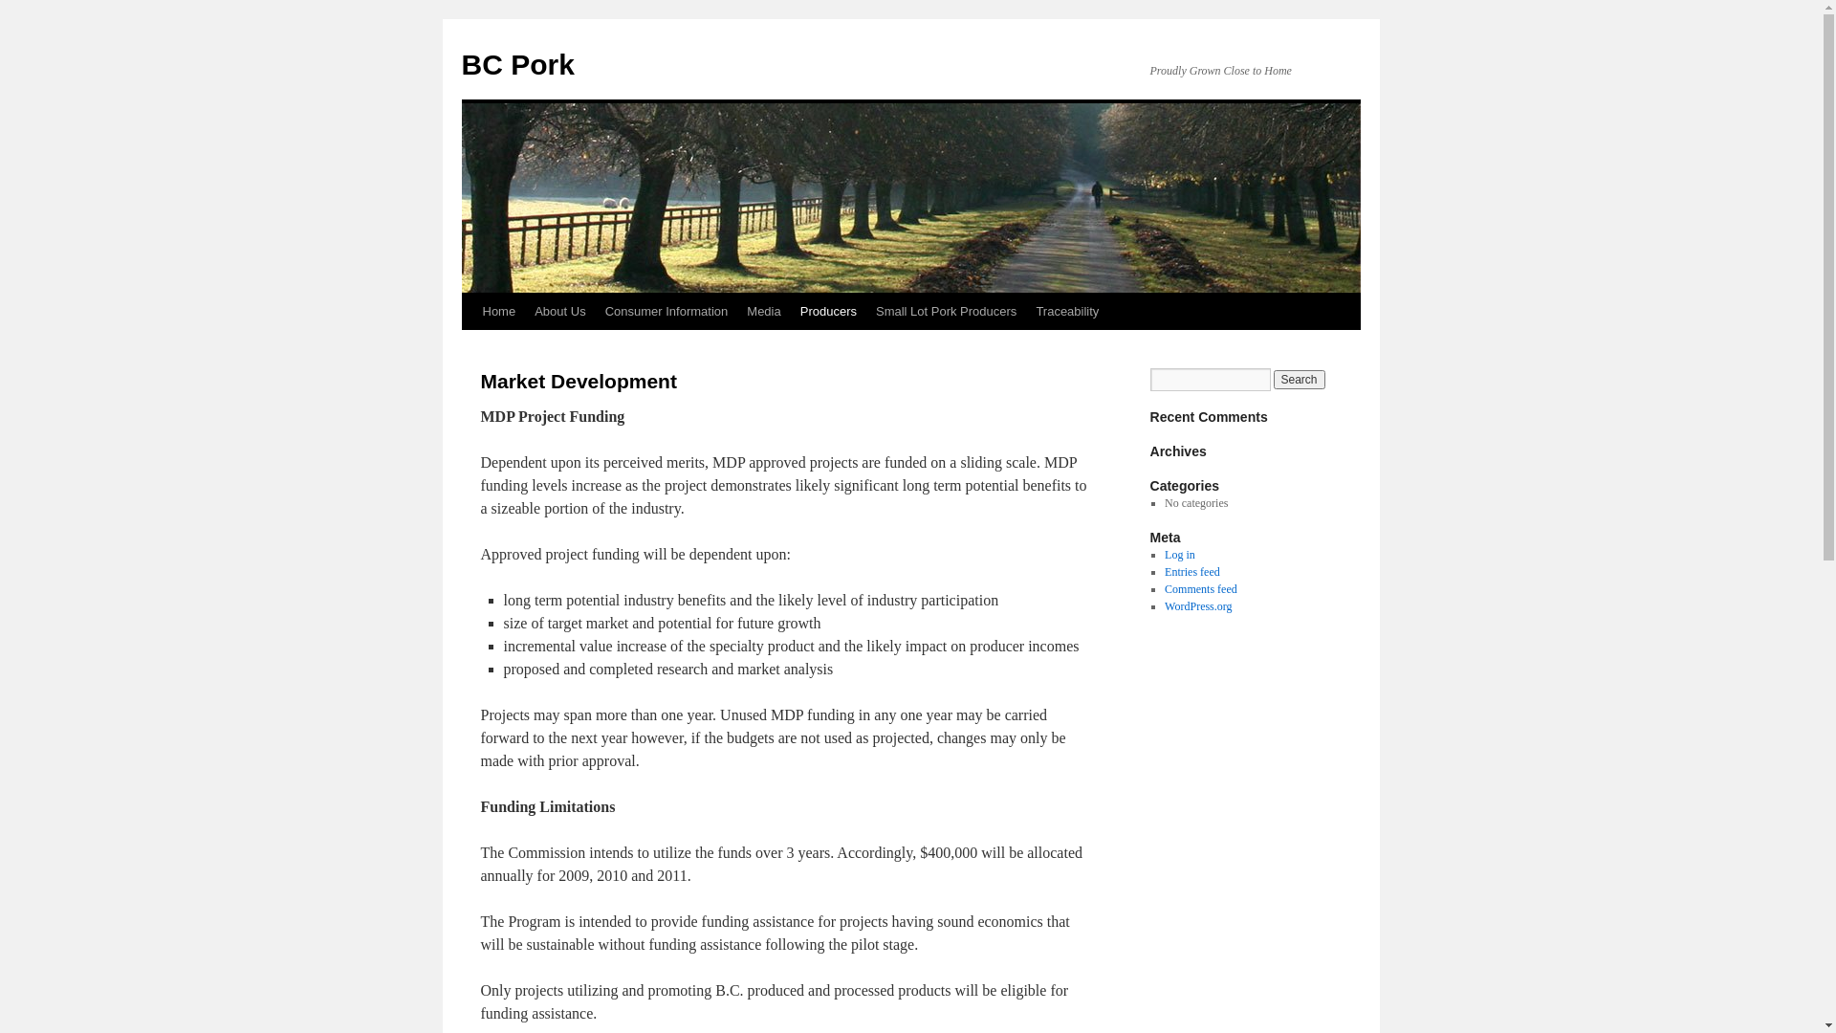 The width and height of the screenshot is (1836, 1033). I want to click on 'Skip to content', so click(460, 347).